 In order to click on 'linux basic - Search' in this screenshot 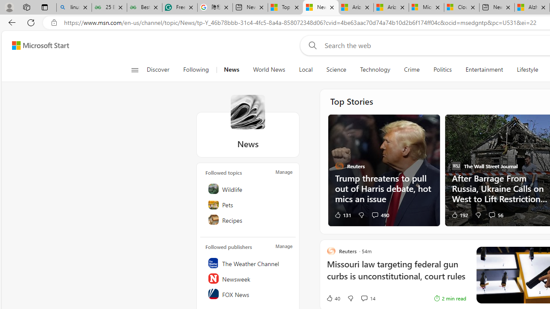, I will do `click(74, 7)`.